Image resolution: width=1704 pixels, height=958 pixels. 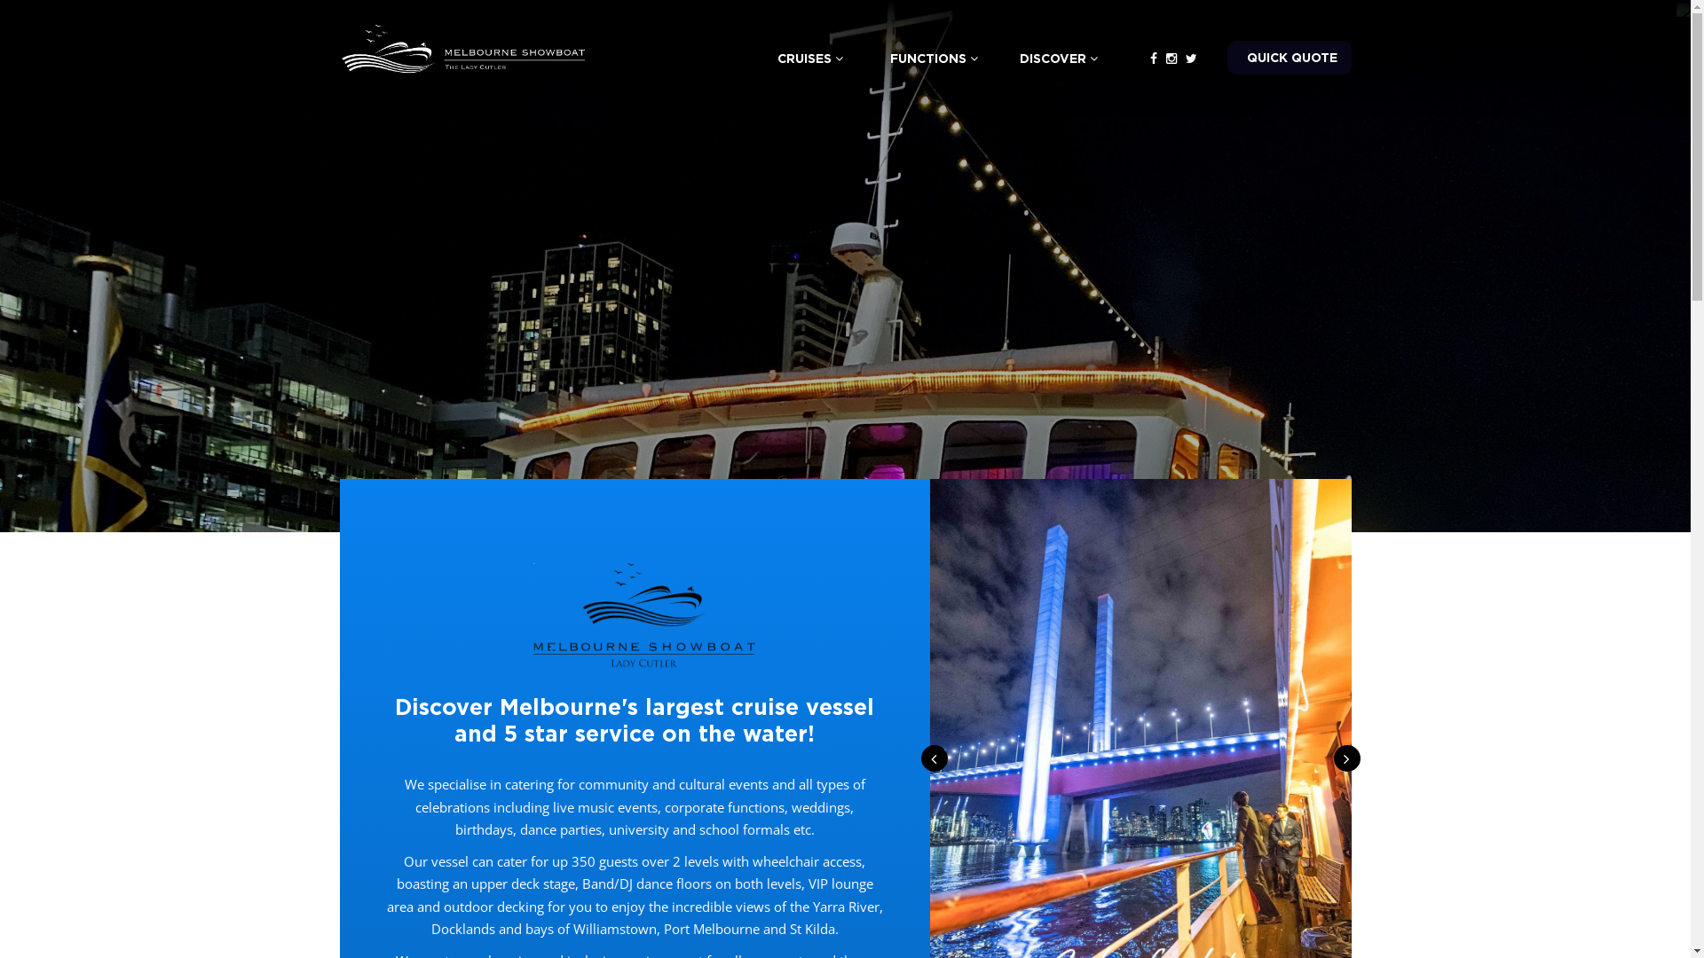 I want to click on 'QUICK QUOTE', so click(x=1226, y=57).